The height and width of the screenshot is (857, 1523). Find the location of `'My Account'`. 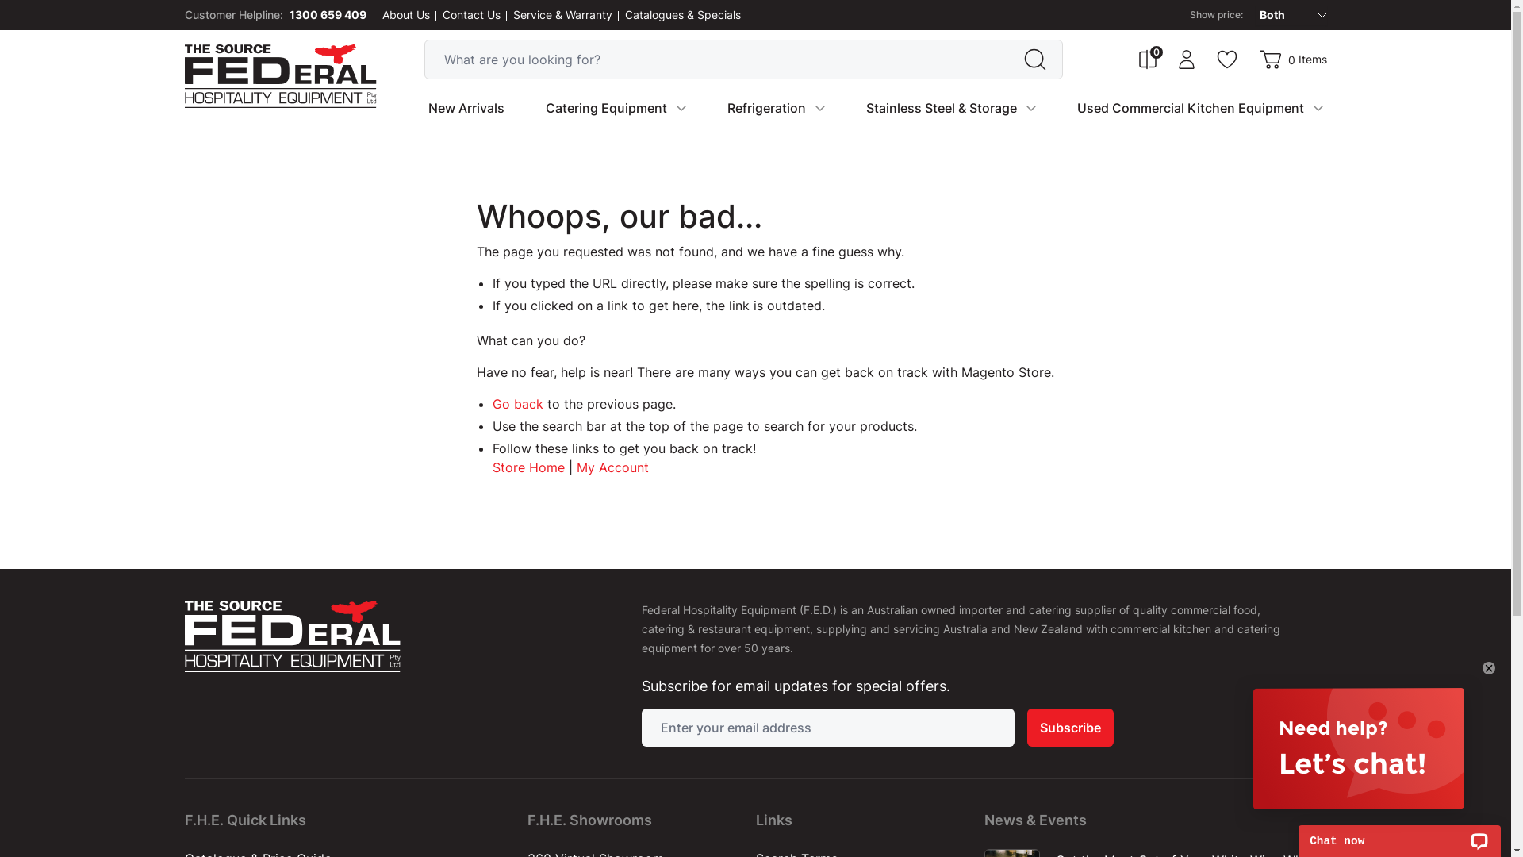

'My Account' is located at coordinates (611, 467).